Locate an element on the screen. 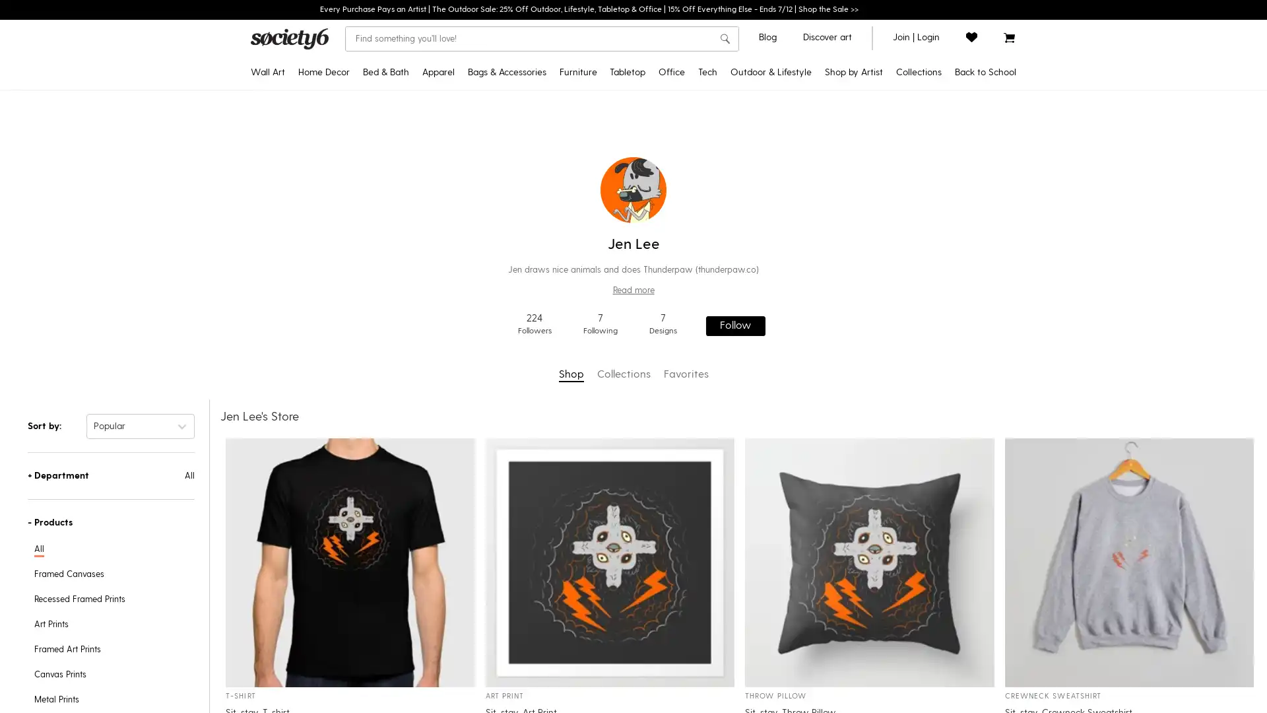  Shower Curtains is located at coordinates (414, 169).